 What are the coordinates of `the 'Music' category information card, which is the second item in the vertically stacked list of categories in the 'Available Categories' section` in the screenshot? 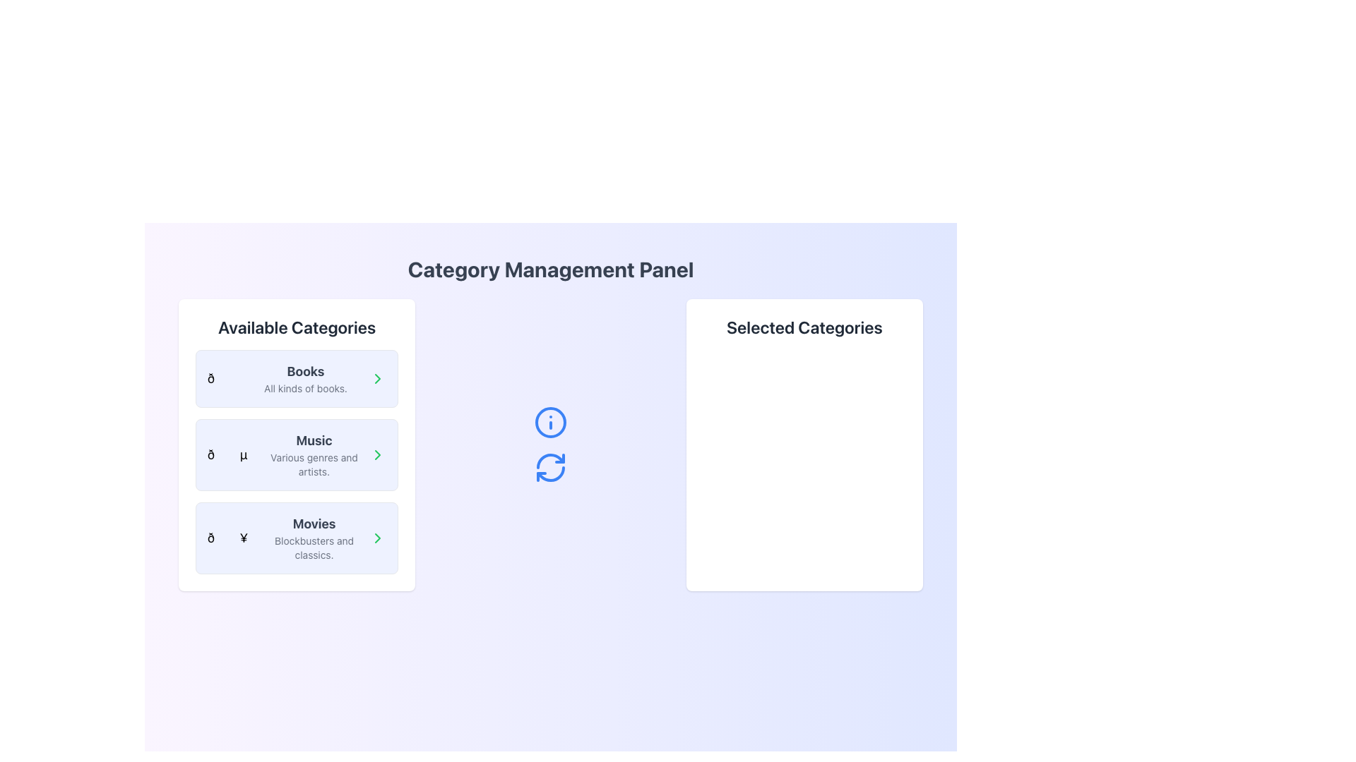 It's located at (296, 454).